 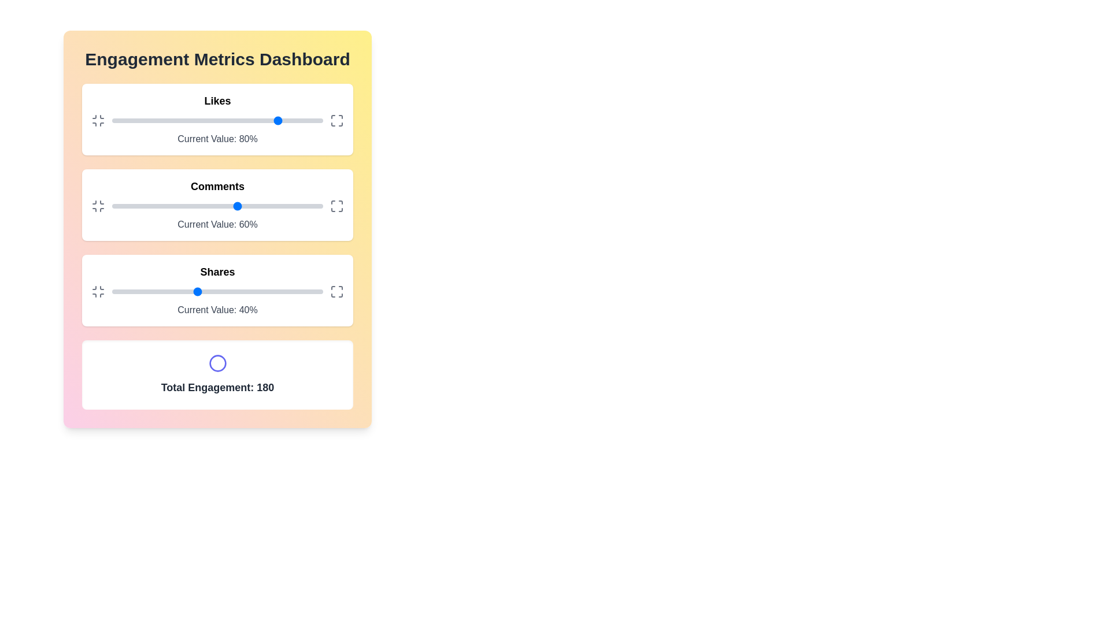 I want to click on the comments slider, so click(x=304, y=206).